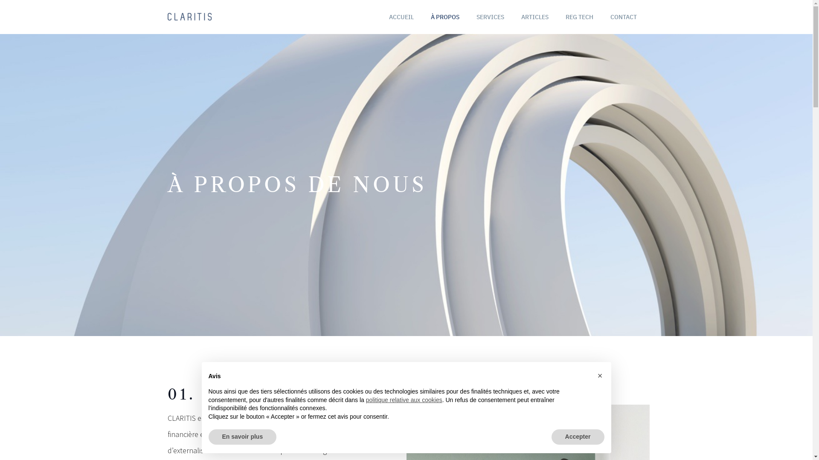 The width and height of the screenshot is (819, 460). Describe the element at coordinates (404, 400) in the screenshot. I see `'politique relative aux cookies'` at that location.